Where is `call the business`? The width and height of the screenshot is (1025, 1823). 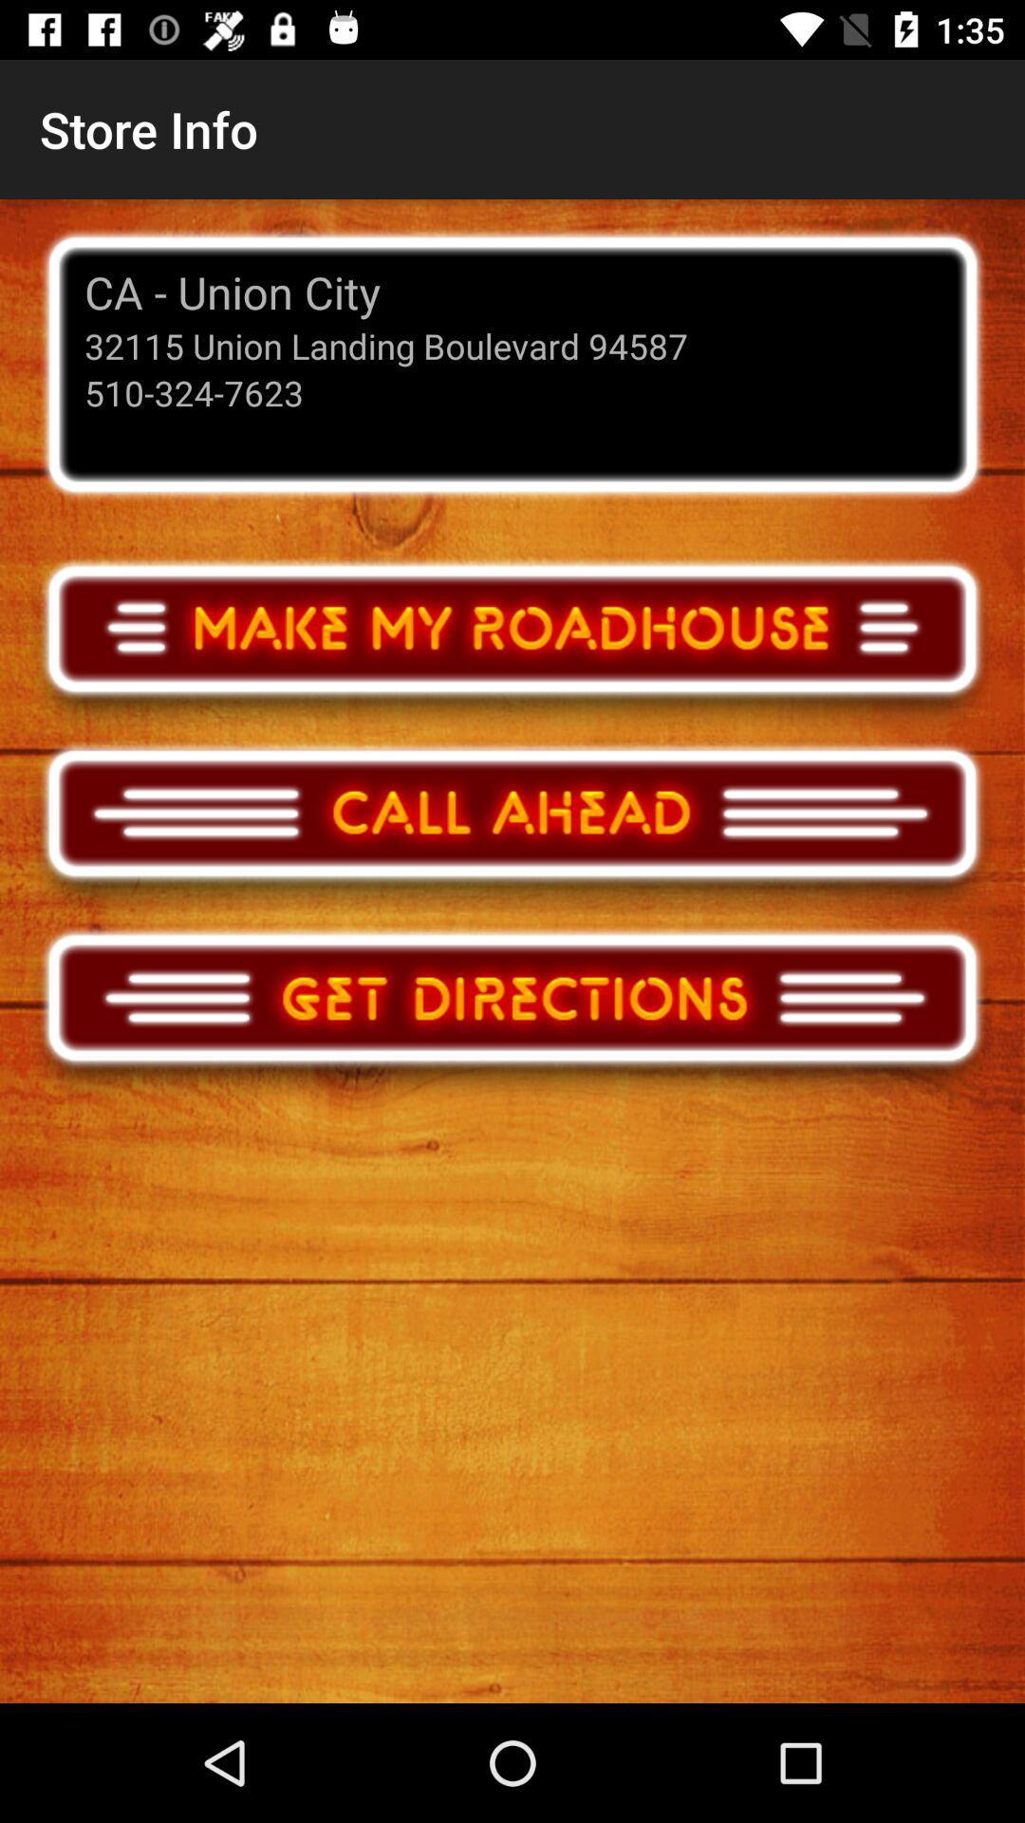 call the business is located at coordinates (512, 831).